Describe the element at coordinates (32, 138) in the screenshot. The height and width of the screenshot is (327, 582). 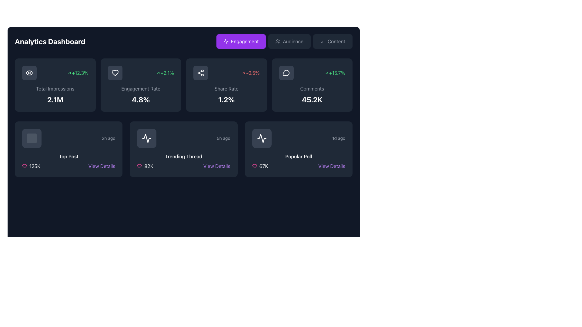
I see `the Decorative graphical element located centrally within the 'Top Post' card, which serves as a visual or functional placeholder` at that location.